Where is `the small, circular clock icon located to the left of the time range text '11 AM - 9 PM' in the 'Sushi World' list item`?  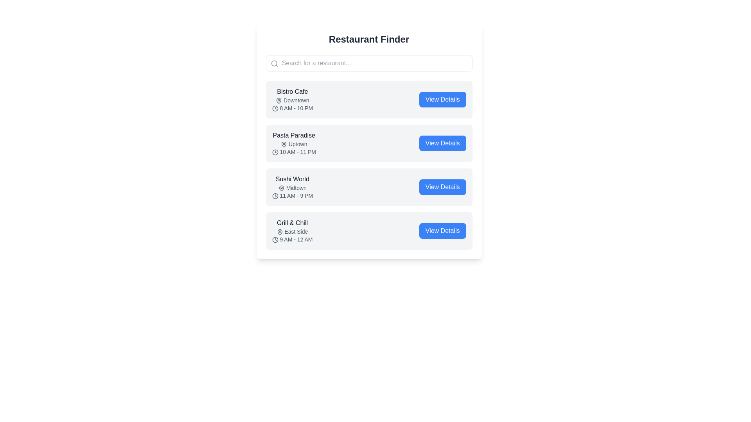
the small, circular clock icon located to the left of the time range text '11 AM - 9 PM' in the 'Sushi World' list item is located at coordinates (275, 196).